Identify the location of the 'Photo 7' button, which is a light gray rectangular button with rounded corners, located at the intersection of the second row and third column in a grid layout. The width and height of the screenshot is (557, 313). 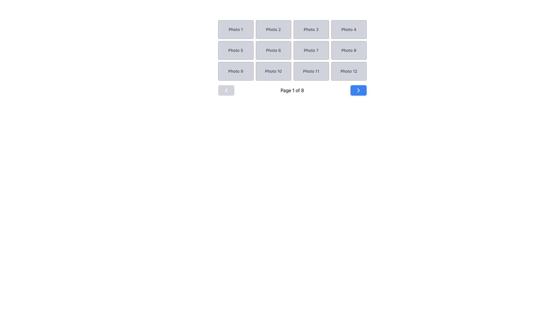
(311, 50).